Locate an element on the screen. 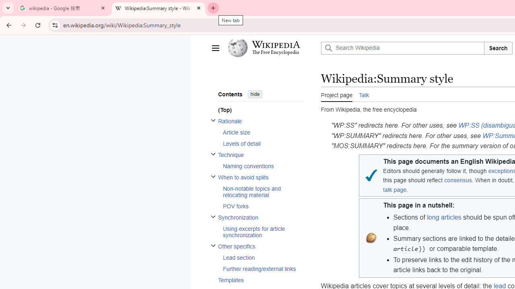 The height and width of the screenshot is (289, 515). 'Toggle Technique subsection' is located at coordinates (213, 154).